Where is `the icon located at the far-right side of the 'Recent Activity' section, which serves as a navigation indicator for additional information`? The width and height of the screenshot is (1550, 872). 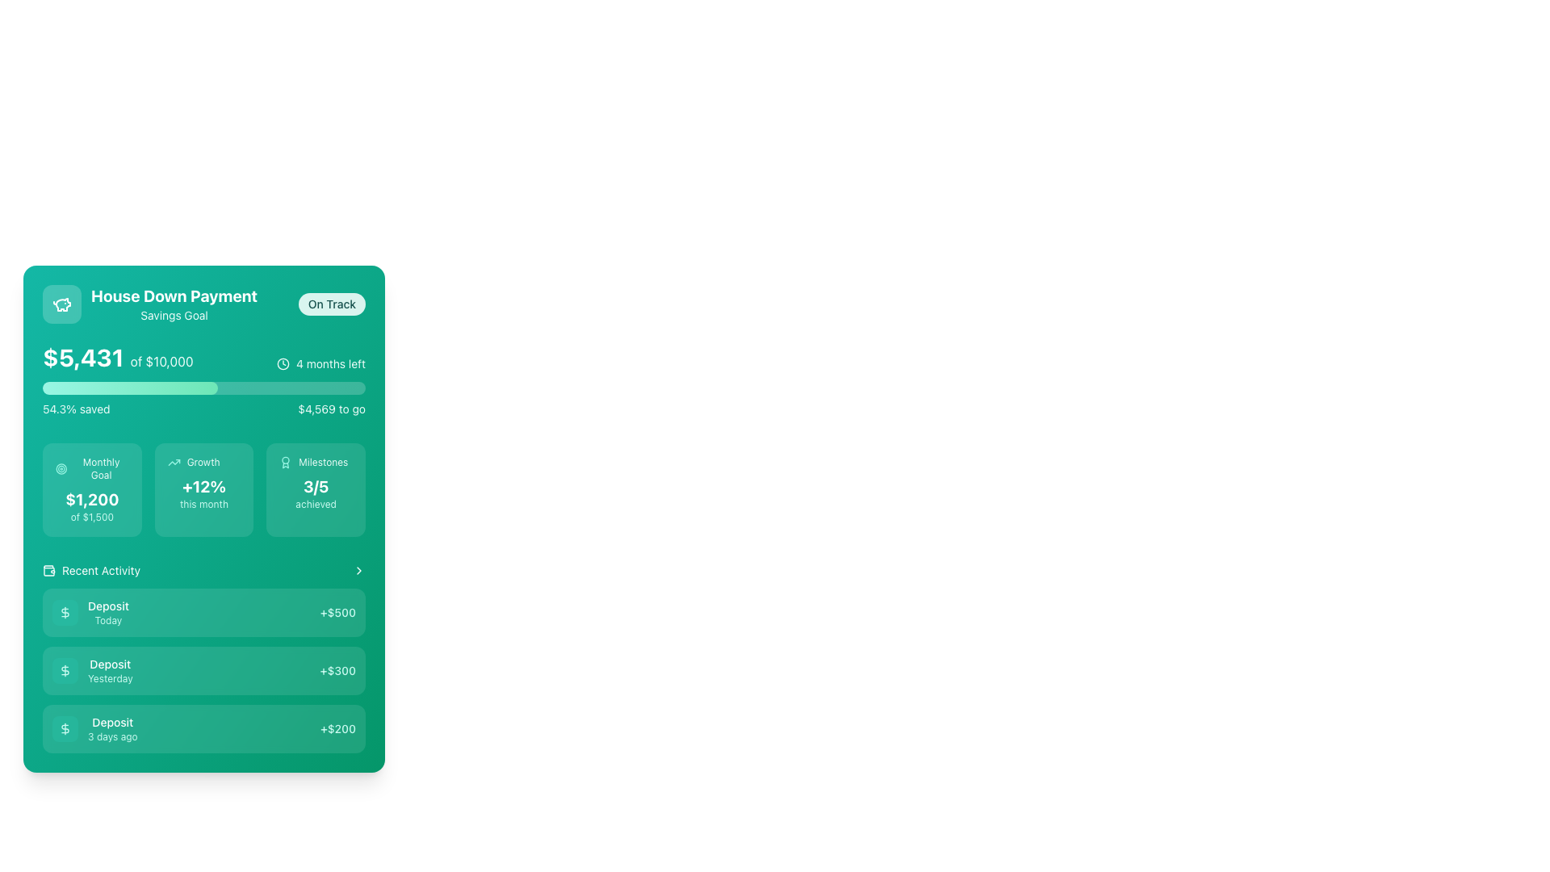
the icon located at the far-right side of the 'Recent Activity' section, which serves as a navigation indicator for additional information is located at coordinates (358, 569).